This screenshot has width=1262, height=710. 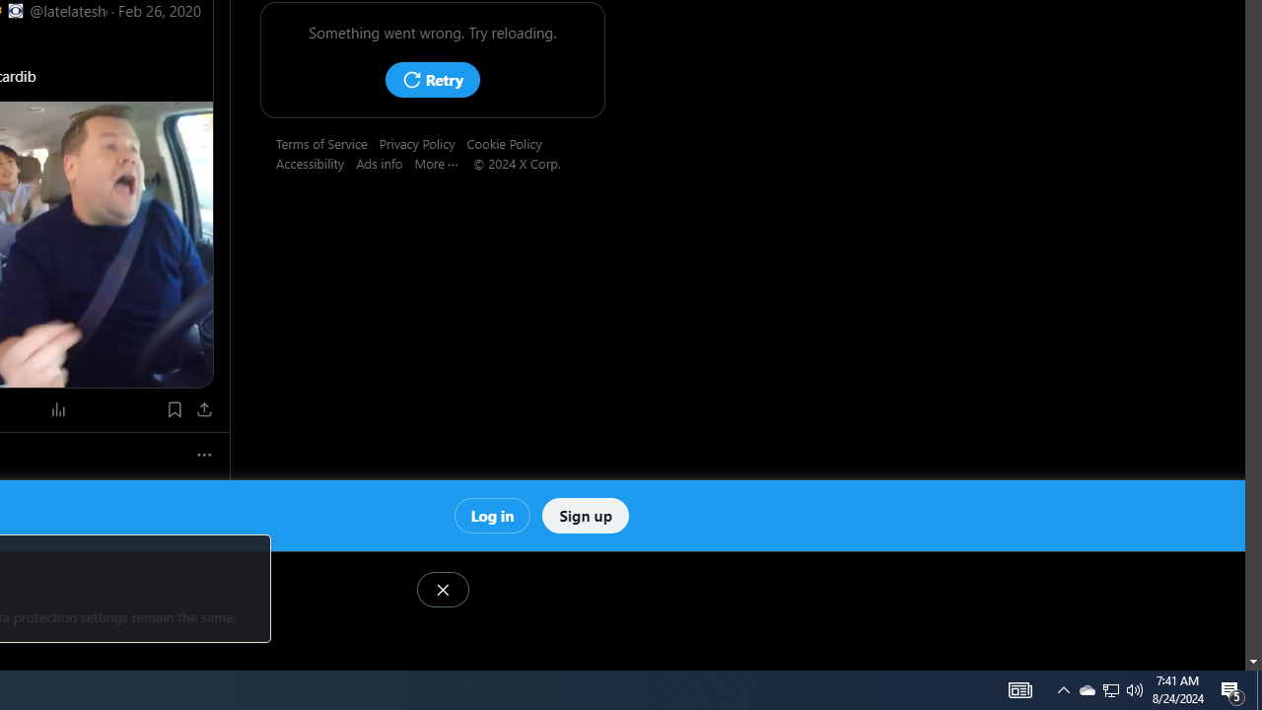 I want to click on 'Privacy Policy', so click(x=421, y=142).